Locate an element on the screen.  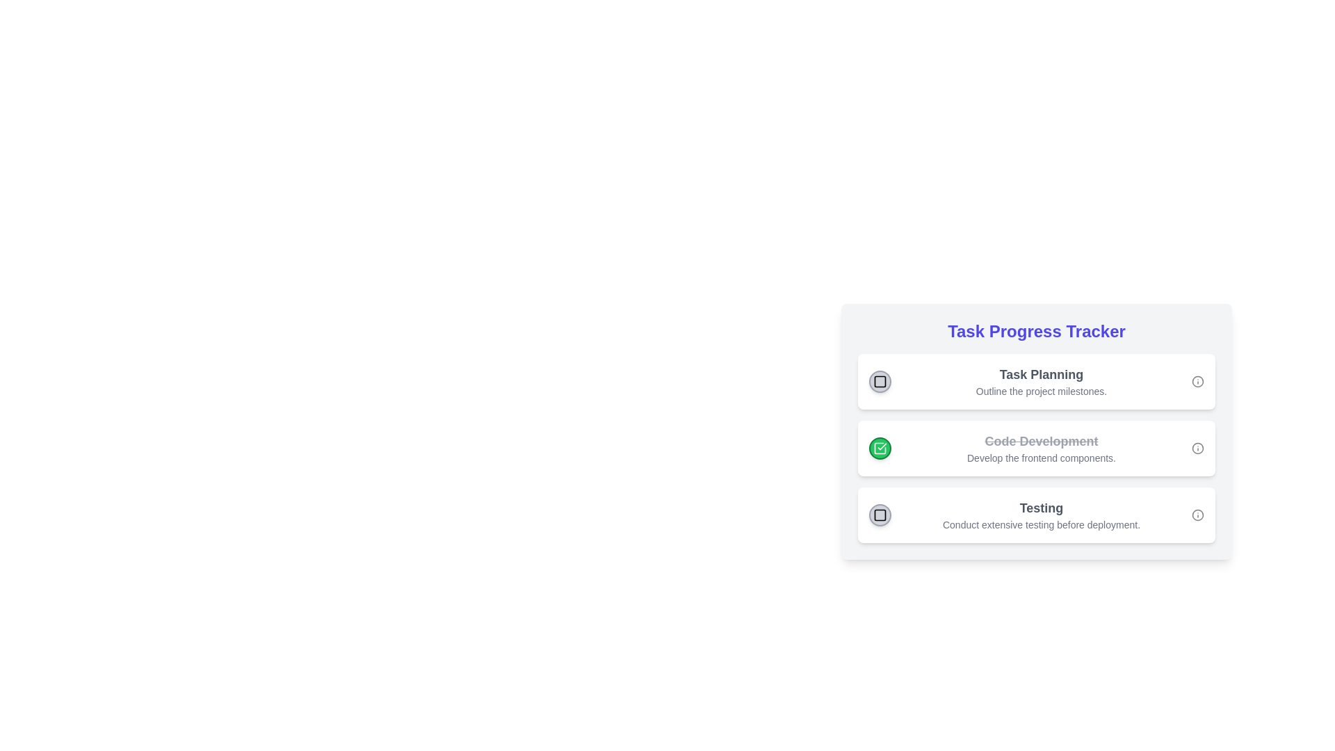
the circular shape within the informational icon located to the far right of the 'Task Planning' section in the Task Progress Tracker interface to potentially reveal a tooltip or additional information is located at coordinates (1197, 381).